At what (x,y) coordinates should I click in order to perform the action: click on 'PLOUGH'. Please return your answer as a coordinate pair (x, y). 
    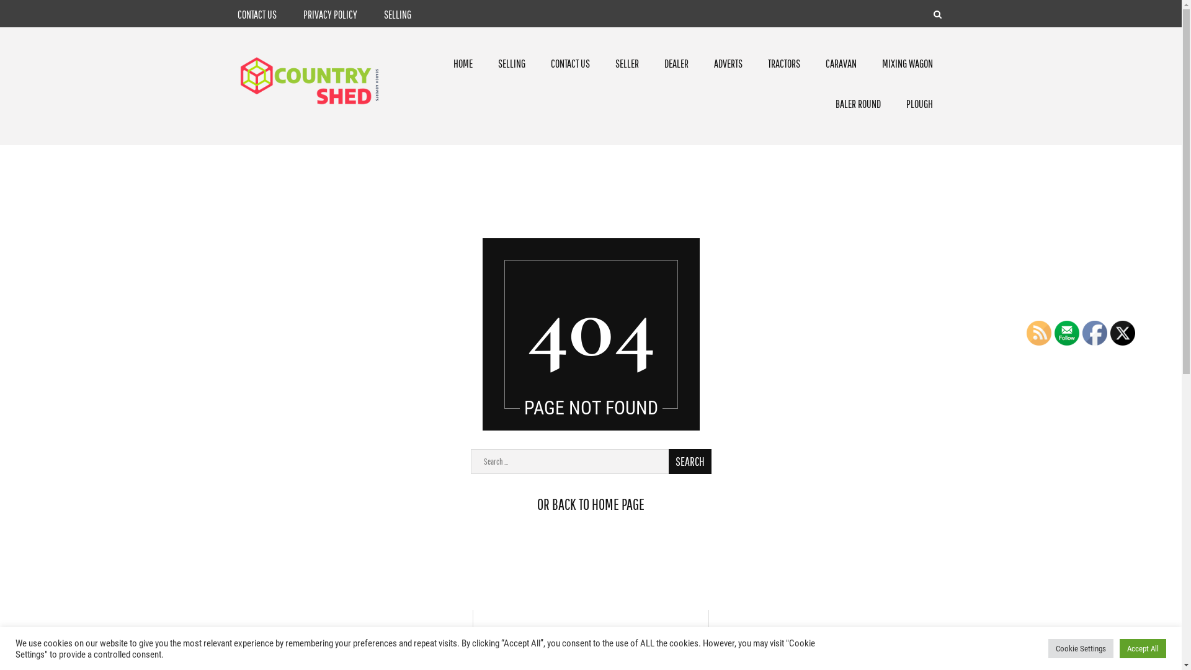
    Looking at the image, I should click on (919, 103).